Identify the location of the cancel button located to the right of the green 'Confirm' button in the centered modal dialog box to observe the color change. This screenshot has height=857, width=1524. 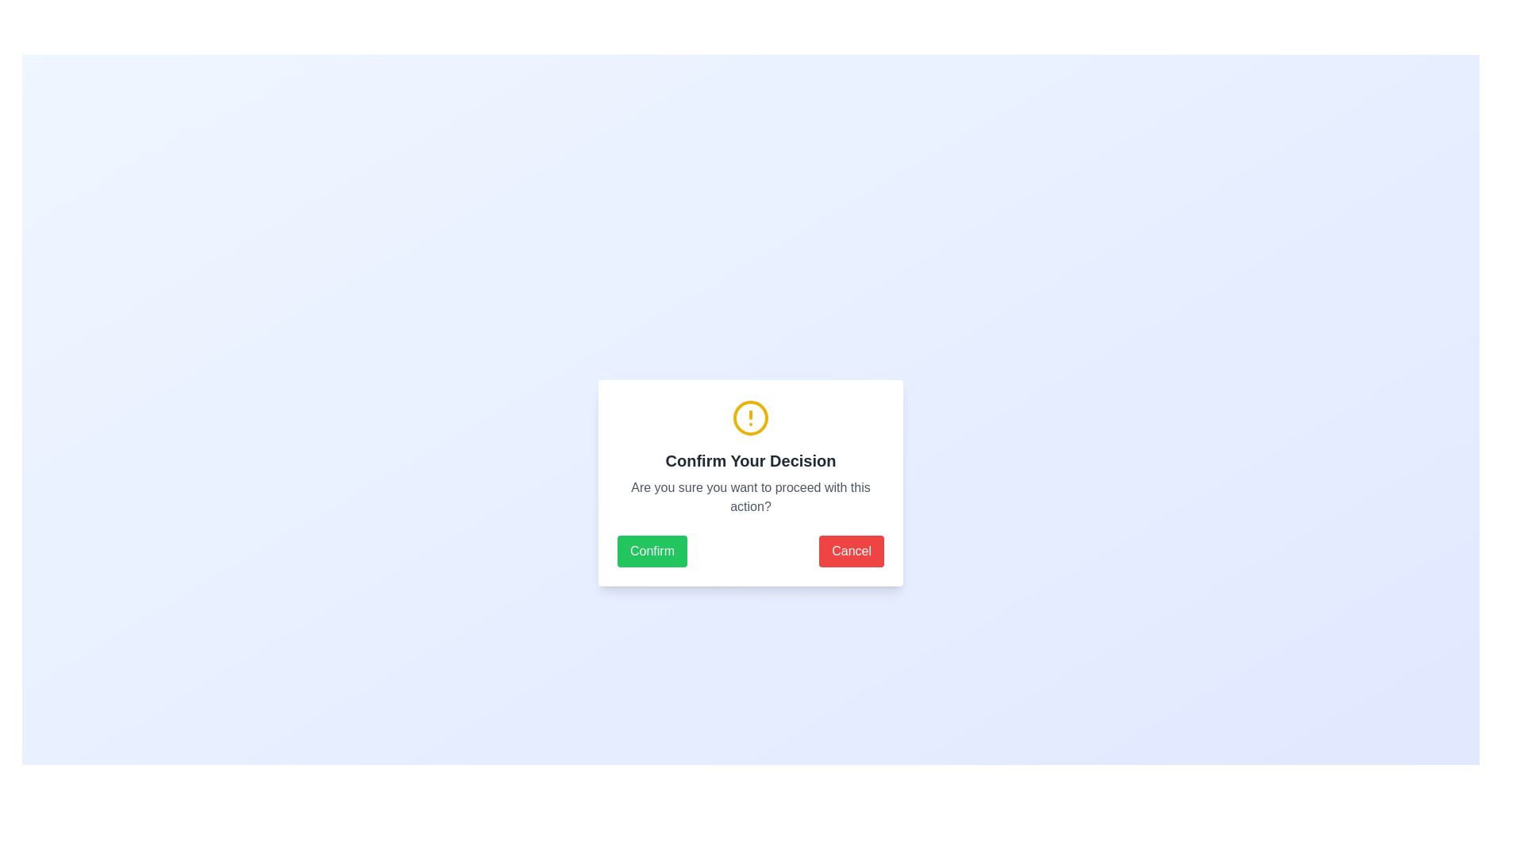
(851, 550).